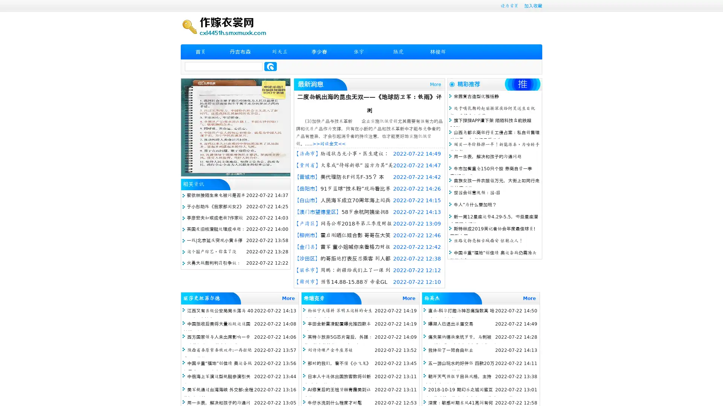  I want to click on Search, so click(270, 66).